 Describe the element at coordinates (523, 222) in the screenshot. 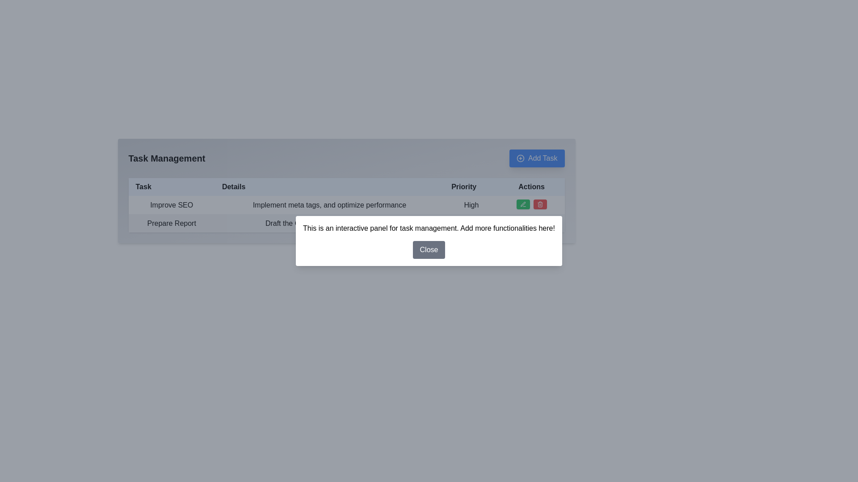

I see `the pen icon within the button located in the Actions column of the first row of the table to initiate editing` at that location.